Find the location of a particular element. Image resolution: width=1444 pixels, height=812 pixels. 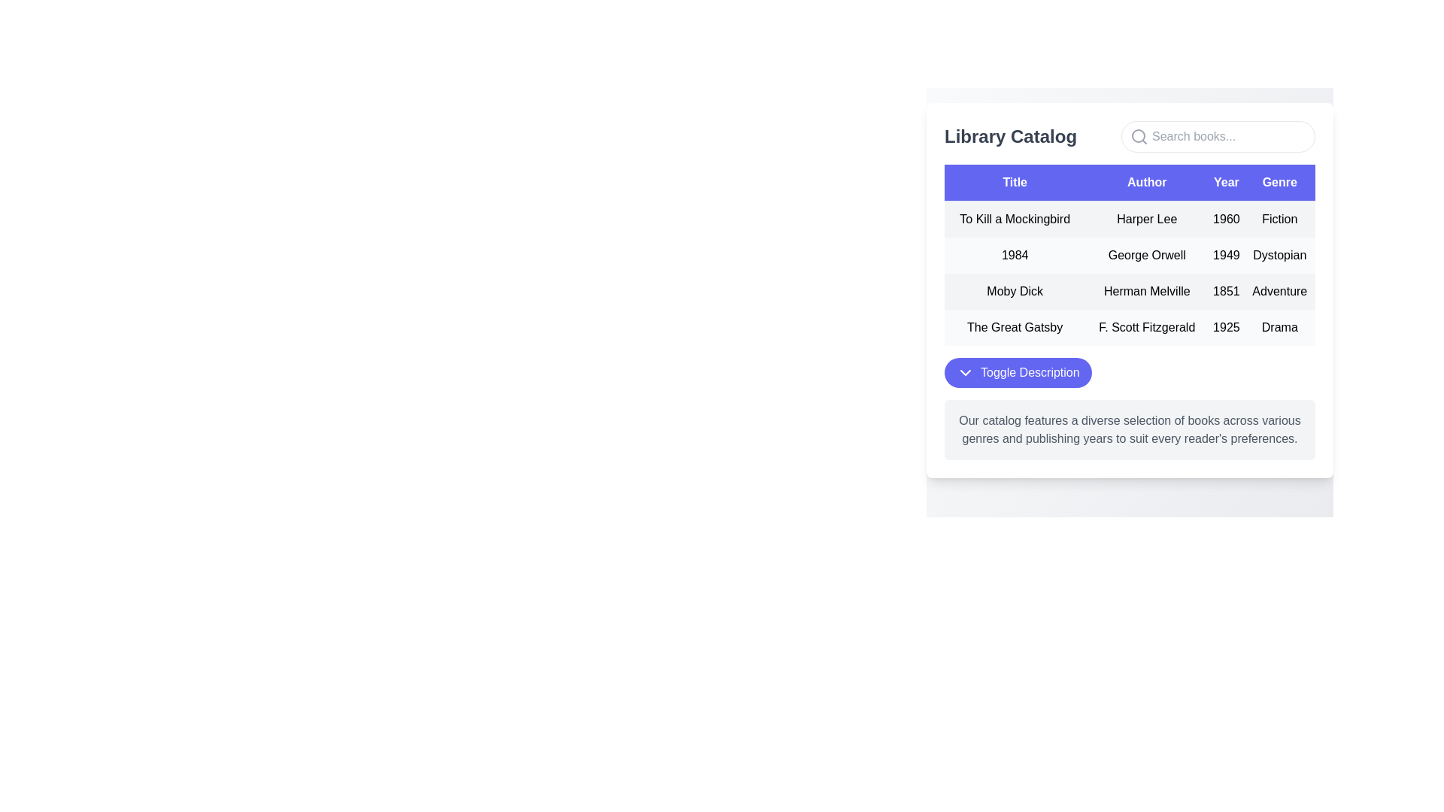

the 'Library Catalog' heading is located at coordinates (1011, 136).